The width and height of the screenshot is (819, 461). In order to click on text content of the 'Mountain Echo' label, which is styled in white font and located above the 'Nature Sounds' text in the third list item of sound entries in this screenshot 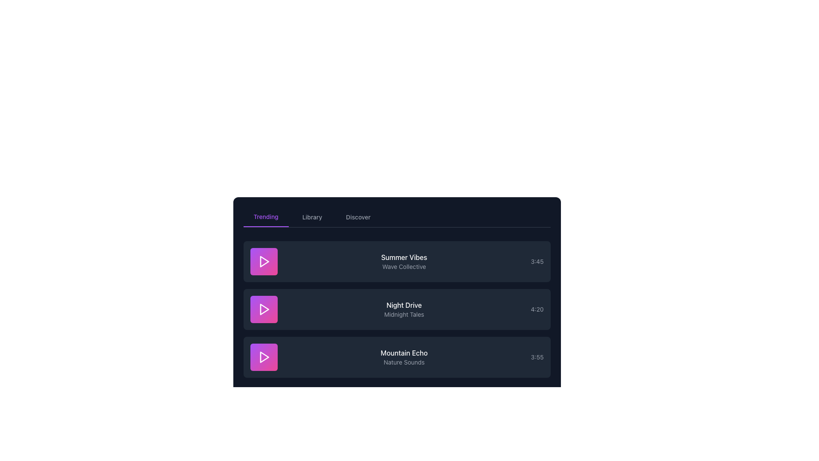, I will do `click(404, 353)`.